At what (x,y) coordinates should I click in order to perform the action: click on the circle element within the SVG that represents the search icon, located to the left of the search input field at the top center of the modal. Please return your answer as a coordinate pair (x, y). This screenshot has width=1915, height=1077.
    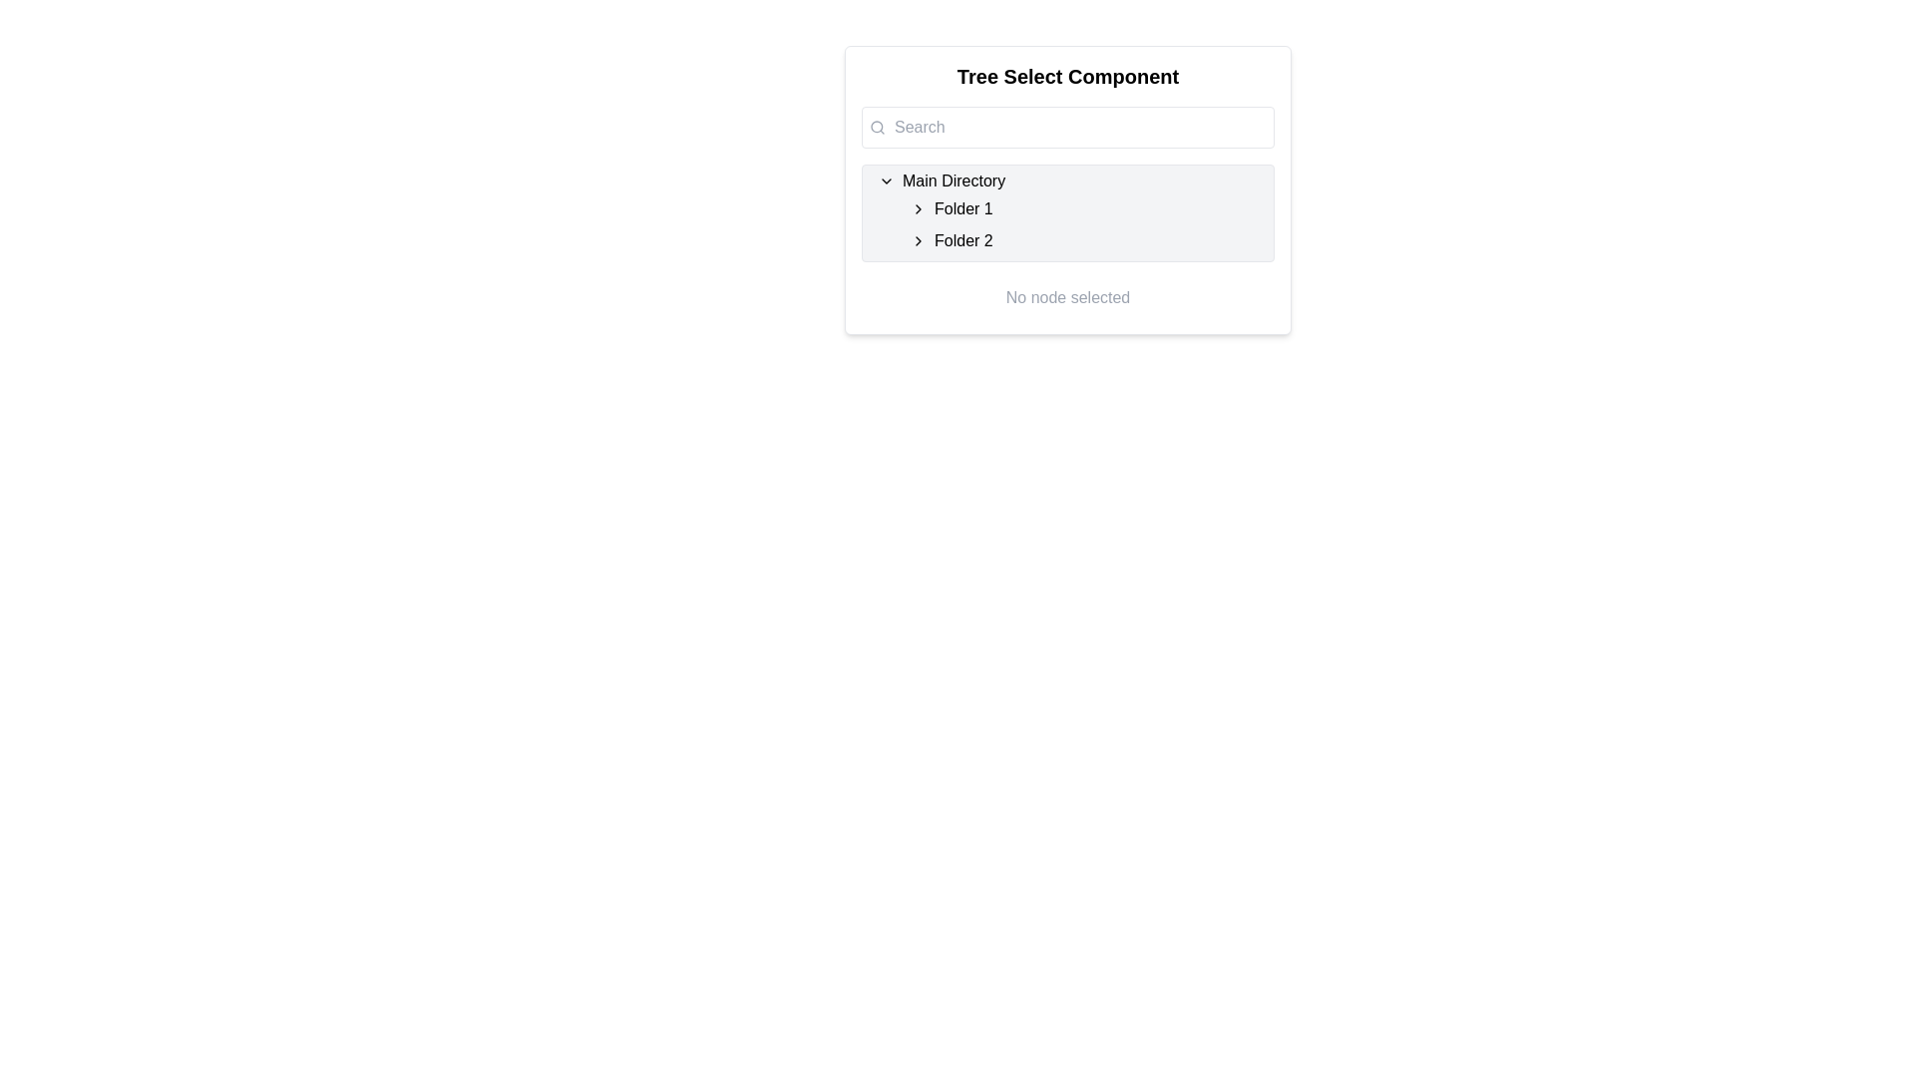
    Looking at the image, I should click on (877, 127).